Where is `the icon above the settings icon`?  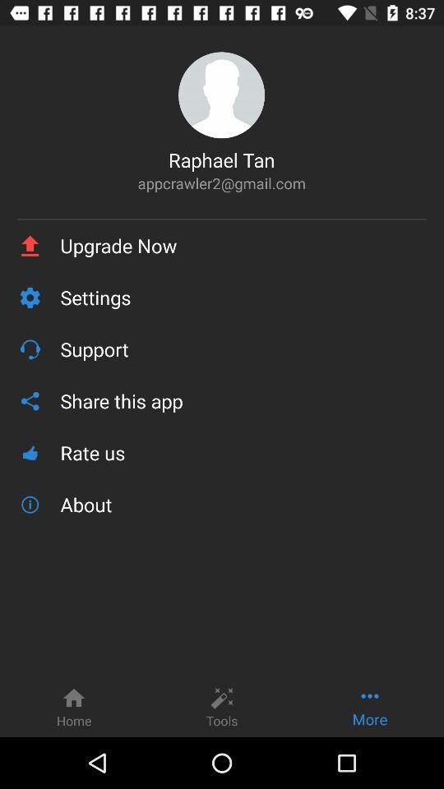 the icon above the settings icon is located at coordinates (243, 245).